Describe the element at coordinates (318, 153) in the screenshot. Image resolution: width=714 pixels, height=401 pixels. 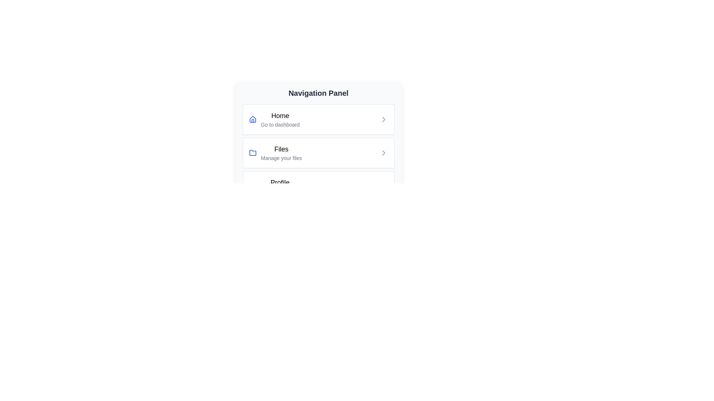
I see `the 'Files' button in the vertical navigation list for keyboard navigation` at that location.